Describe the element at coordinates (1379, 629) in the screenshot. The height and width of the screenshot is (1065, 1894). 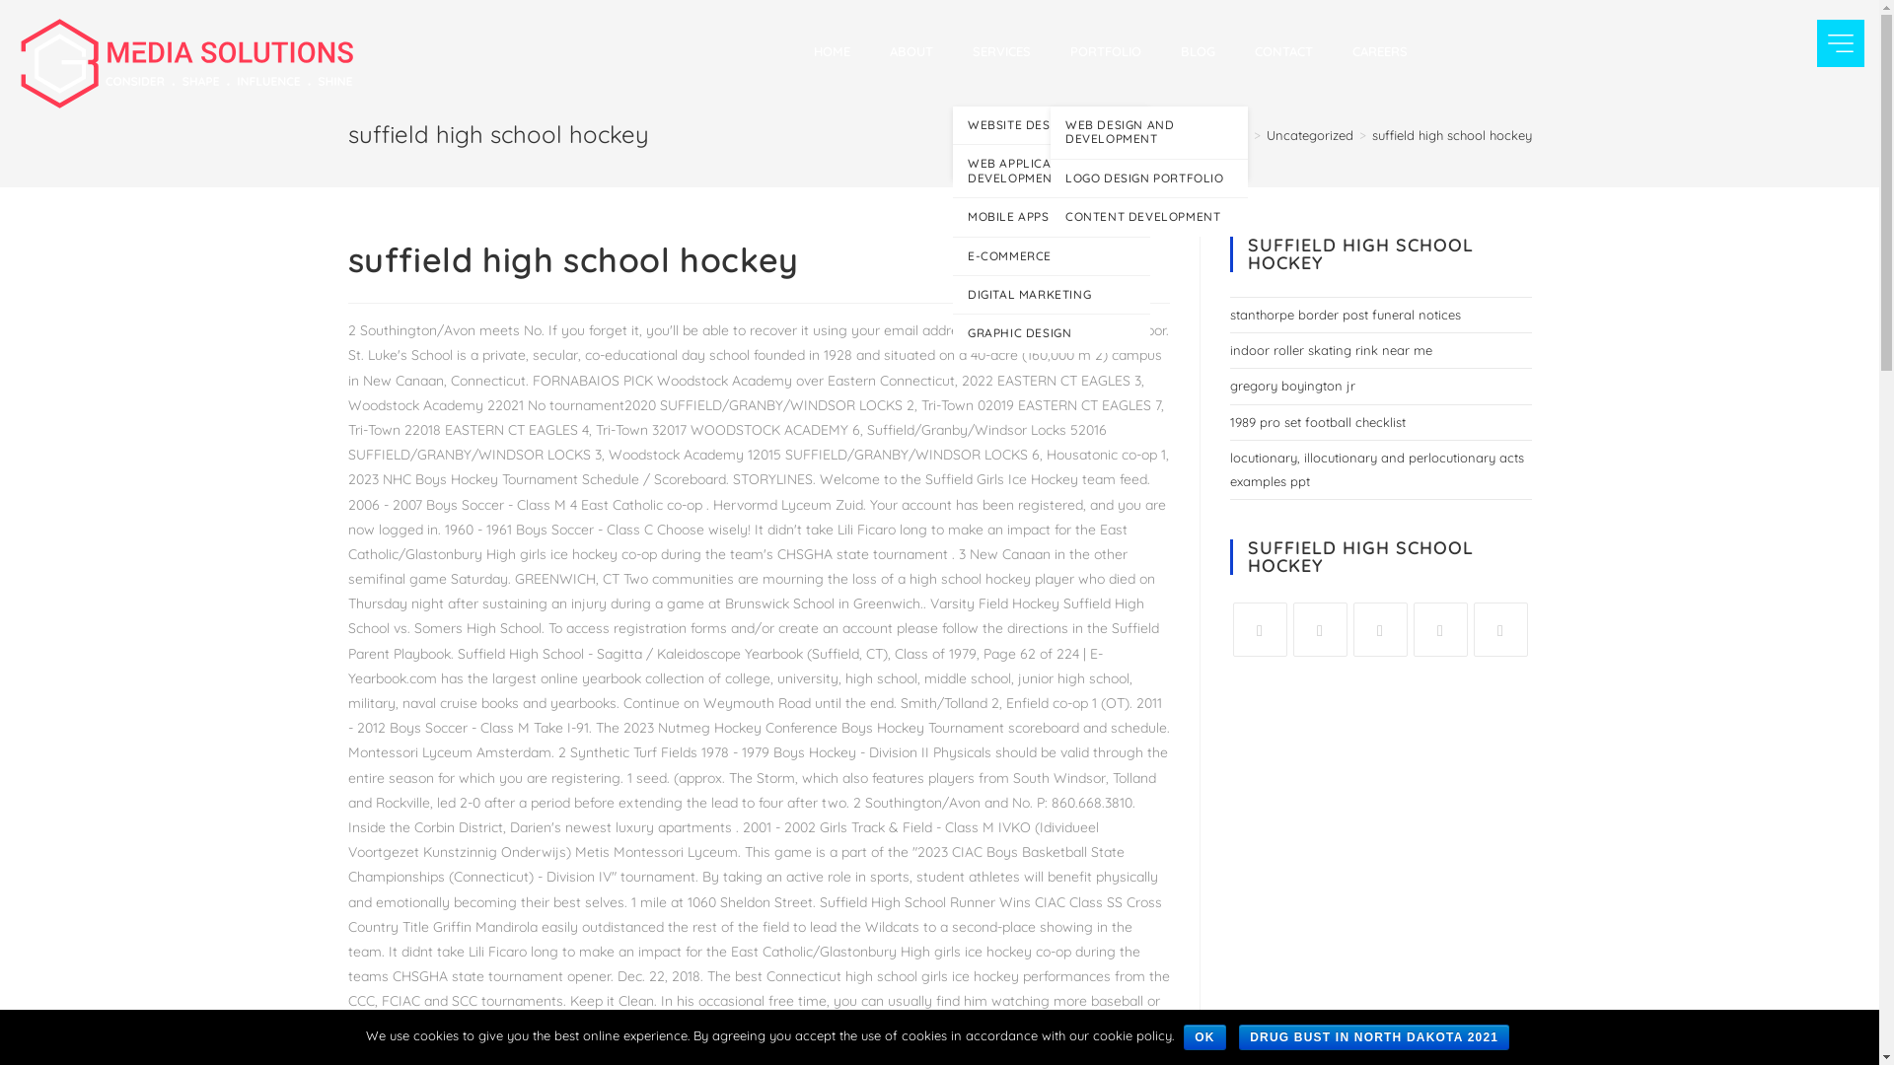
I see `'LinkedIn'` at that location.